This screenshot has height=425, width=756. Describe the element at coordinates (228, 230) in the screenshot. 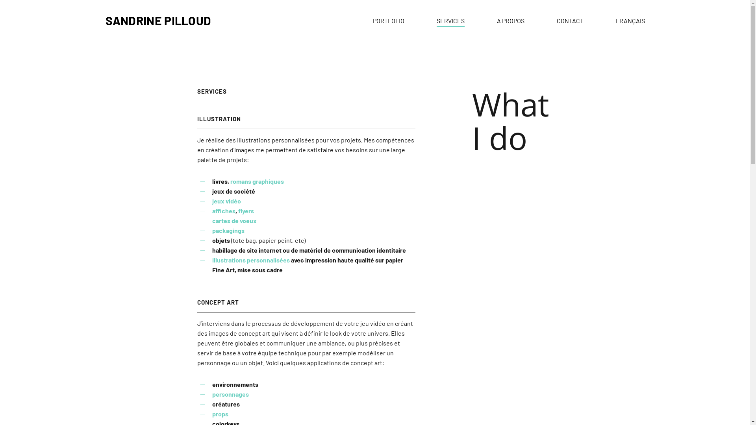

I see `'packagings'` at that location.